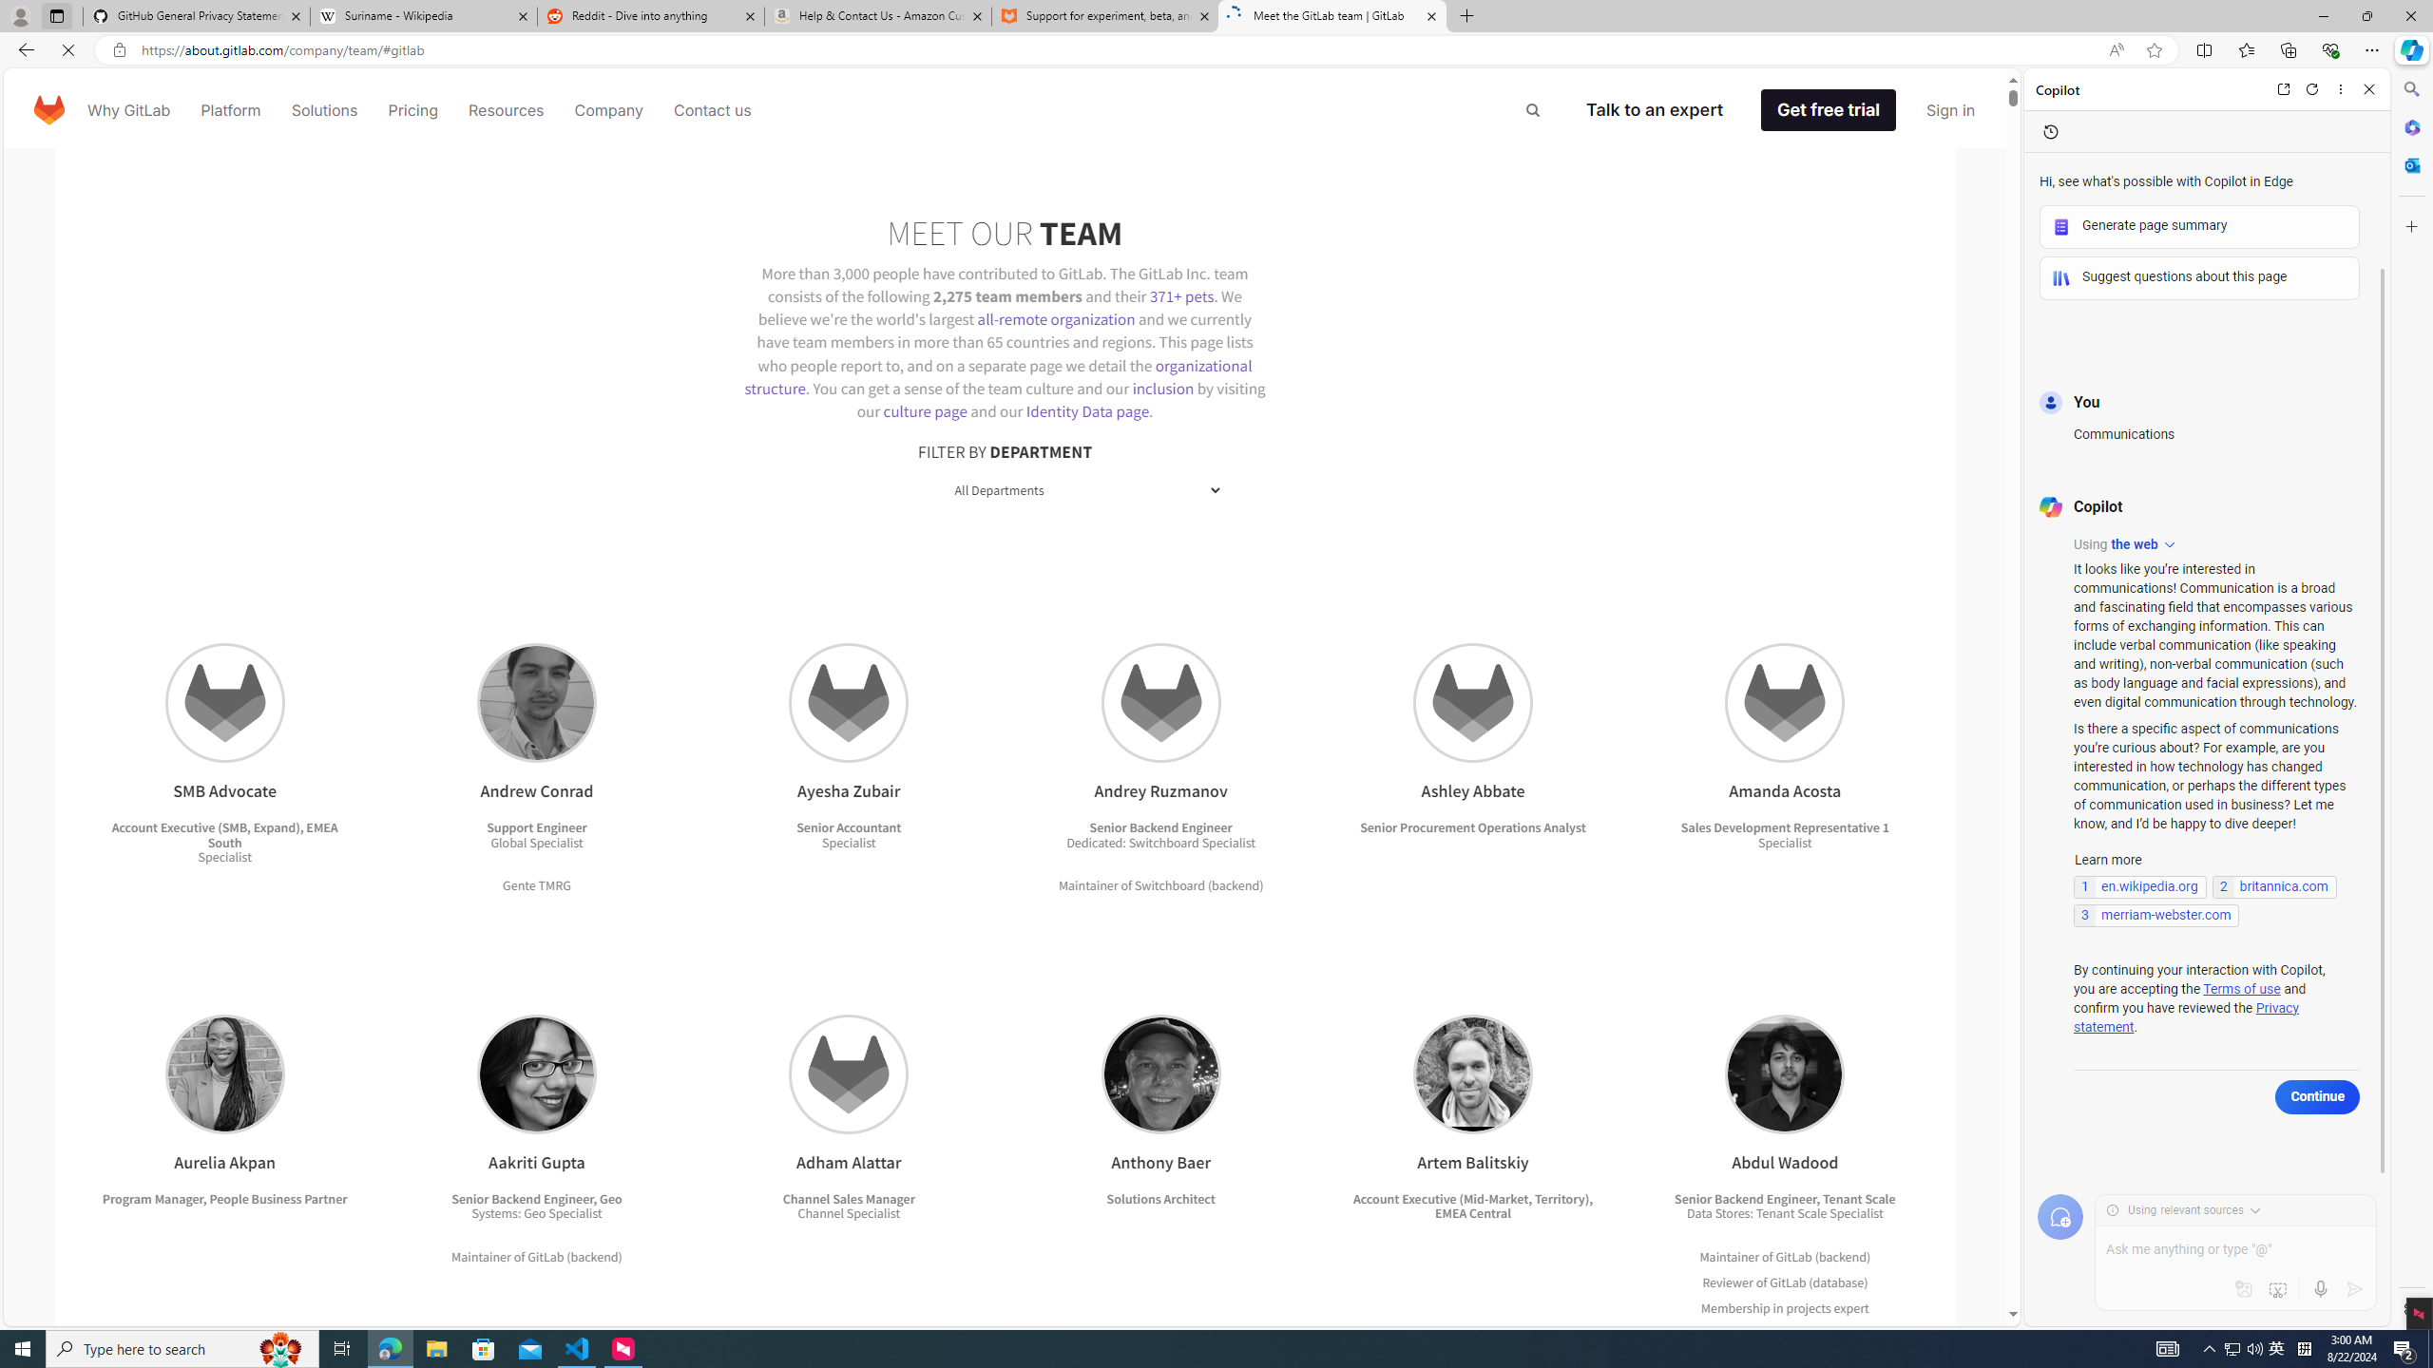  What do you see at coordinates (878, 15) in the screenshot?
I see `'Help & Contact Us - Amazon Customer Service - Sleeping'` at bounding box center [878, 15].